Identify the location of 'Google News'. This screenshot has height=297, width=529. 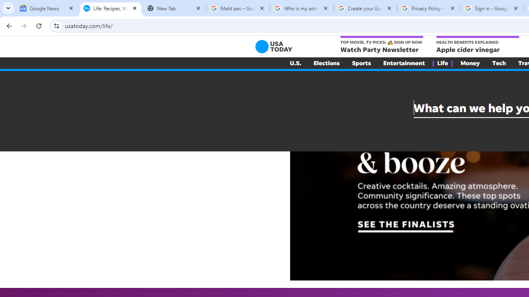
(46, 8).